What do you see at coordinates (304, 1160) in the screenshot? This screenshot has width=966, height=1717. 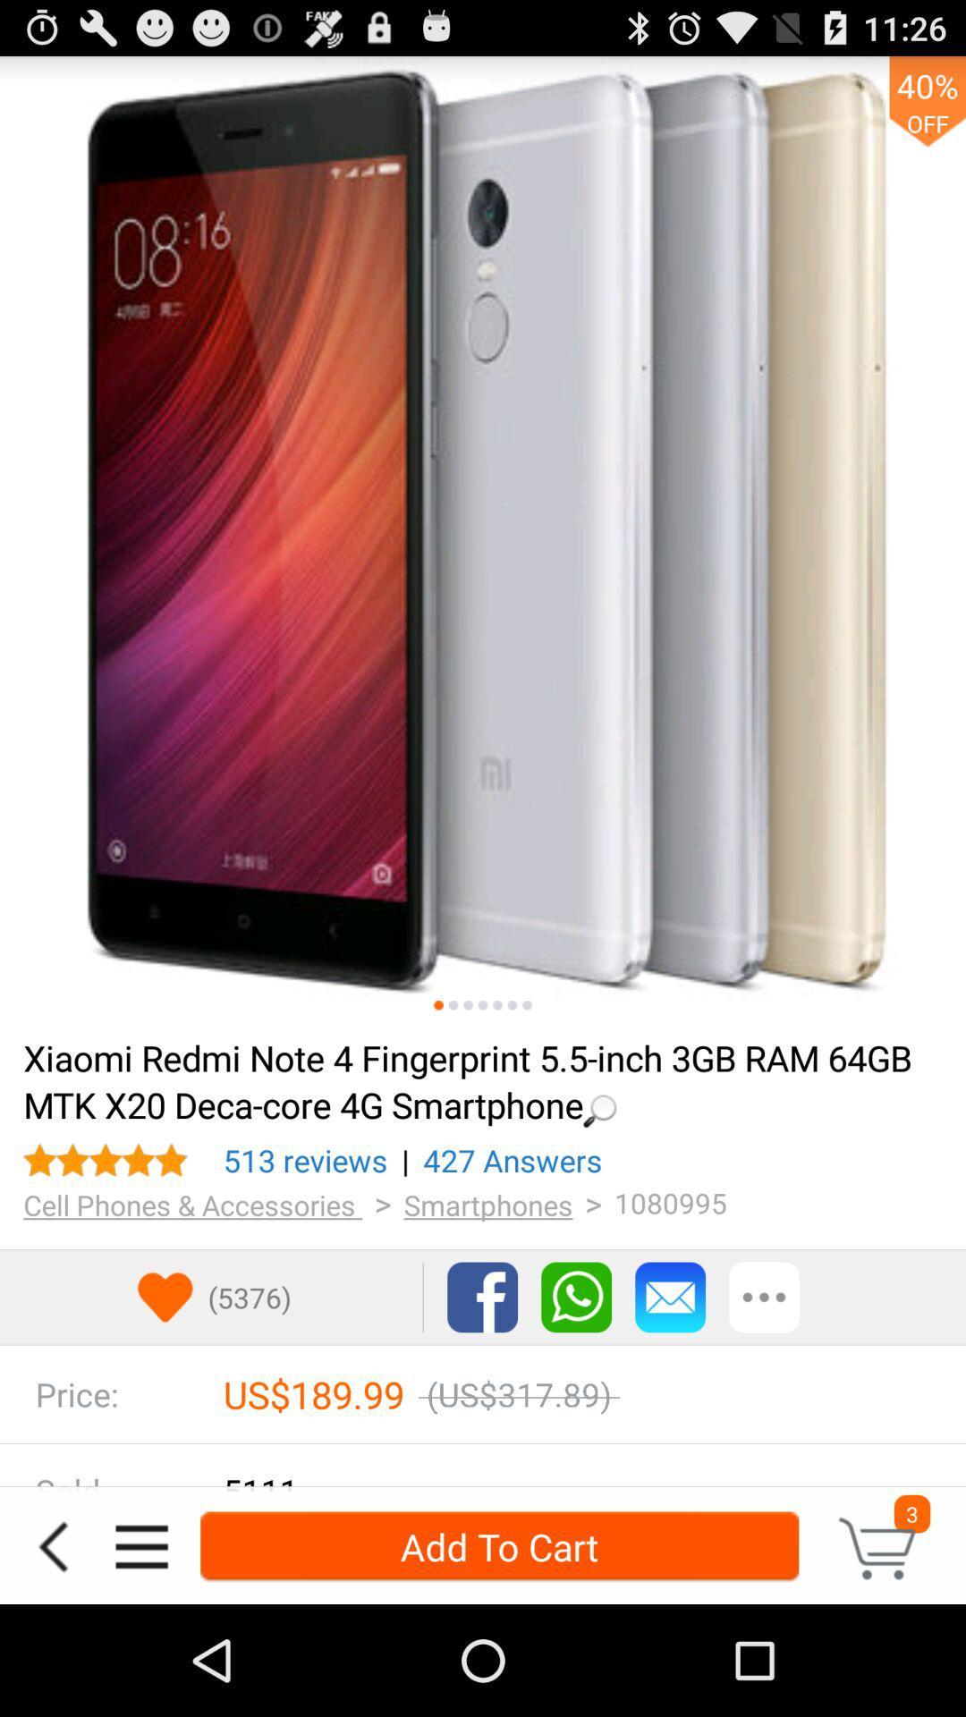 I see `the icon to the left of | icon` at bounding box center [304, 1160].